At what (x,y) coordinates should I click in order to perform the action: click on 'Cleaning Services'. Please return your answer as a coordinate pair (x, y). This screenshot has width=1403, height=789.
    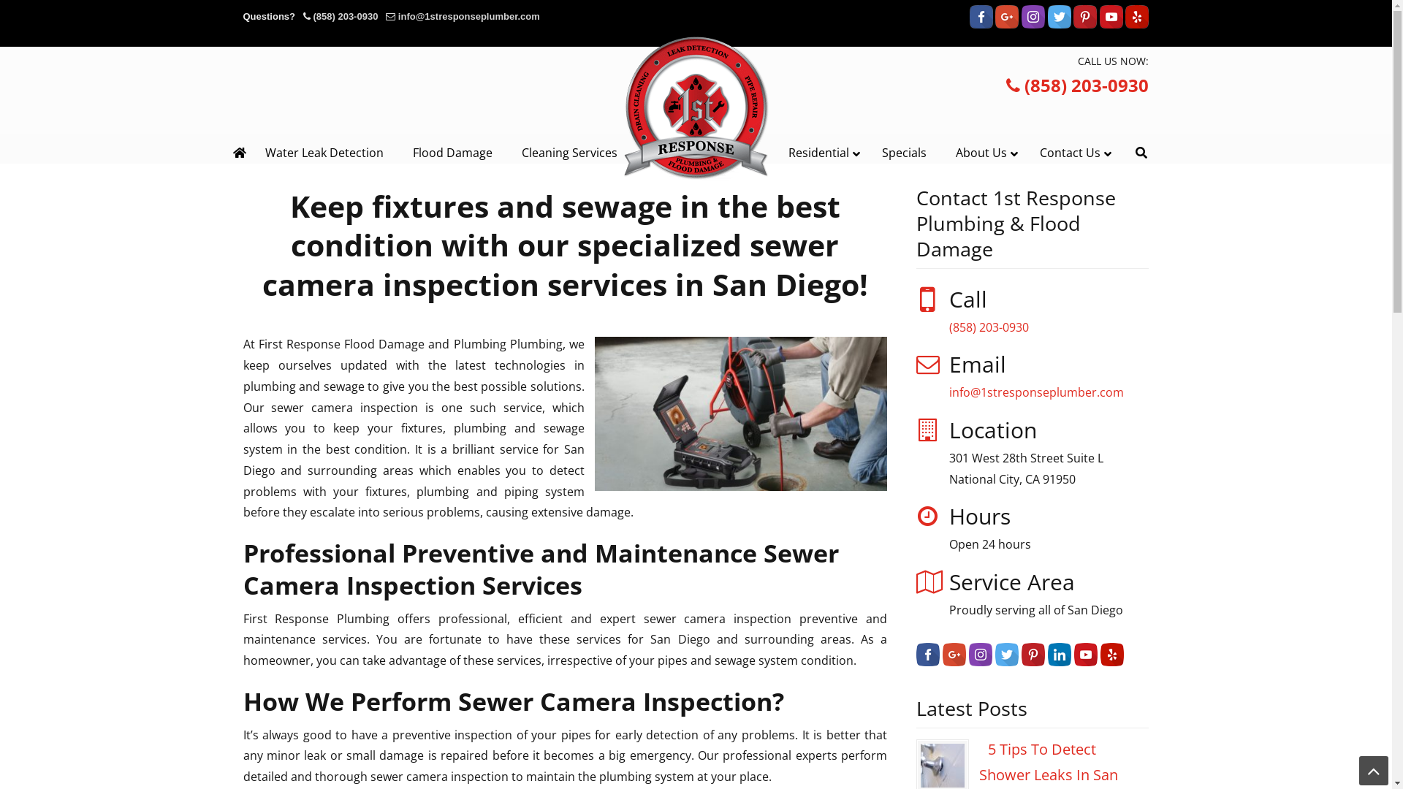
    Looking at the image, I should click on (569, 153).